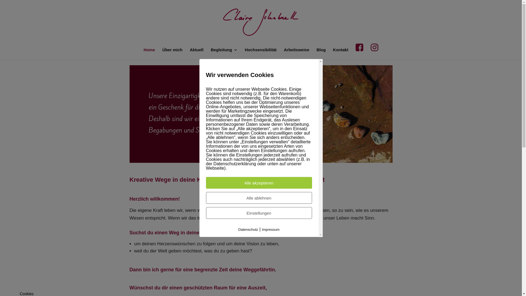  I want to click on 'Aktuell', so click(197, 54).